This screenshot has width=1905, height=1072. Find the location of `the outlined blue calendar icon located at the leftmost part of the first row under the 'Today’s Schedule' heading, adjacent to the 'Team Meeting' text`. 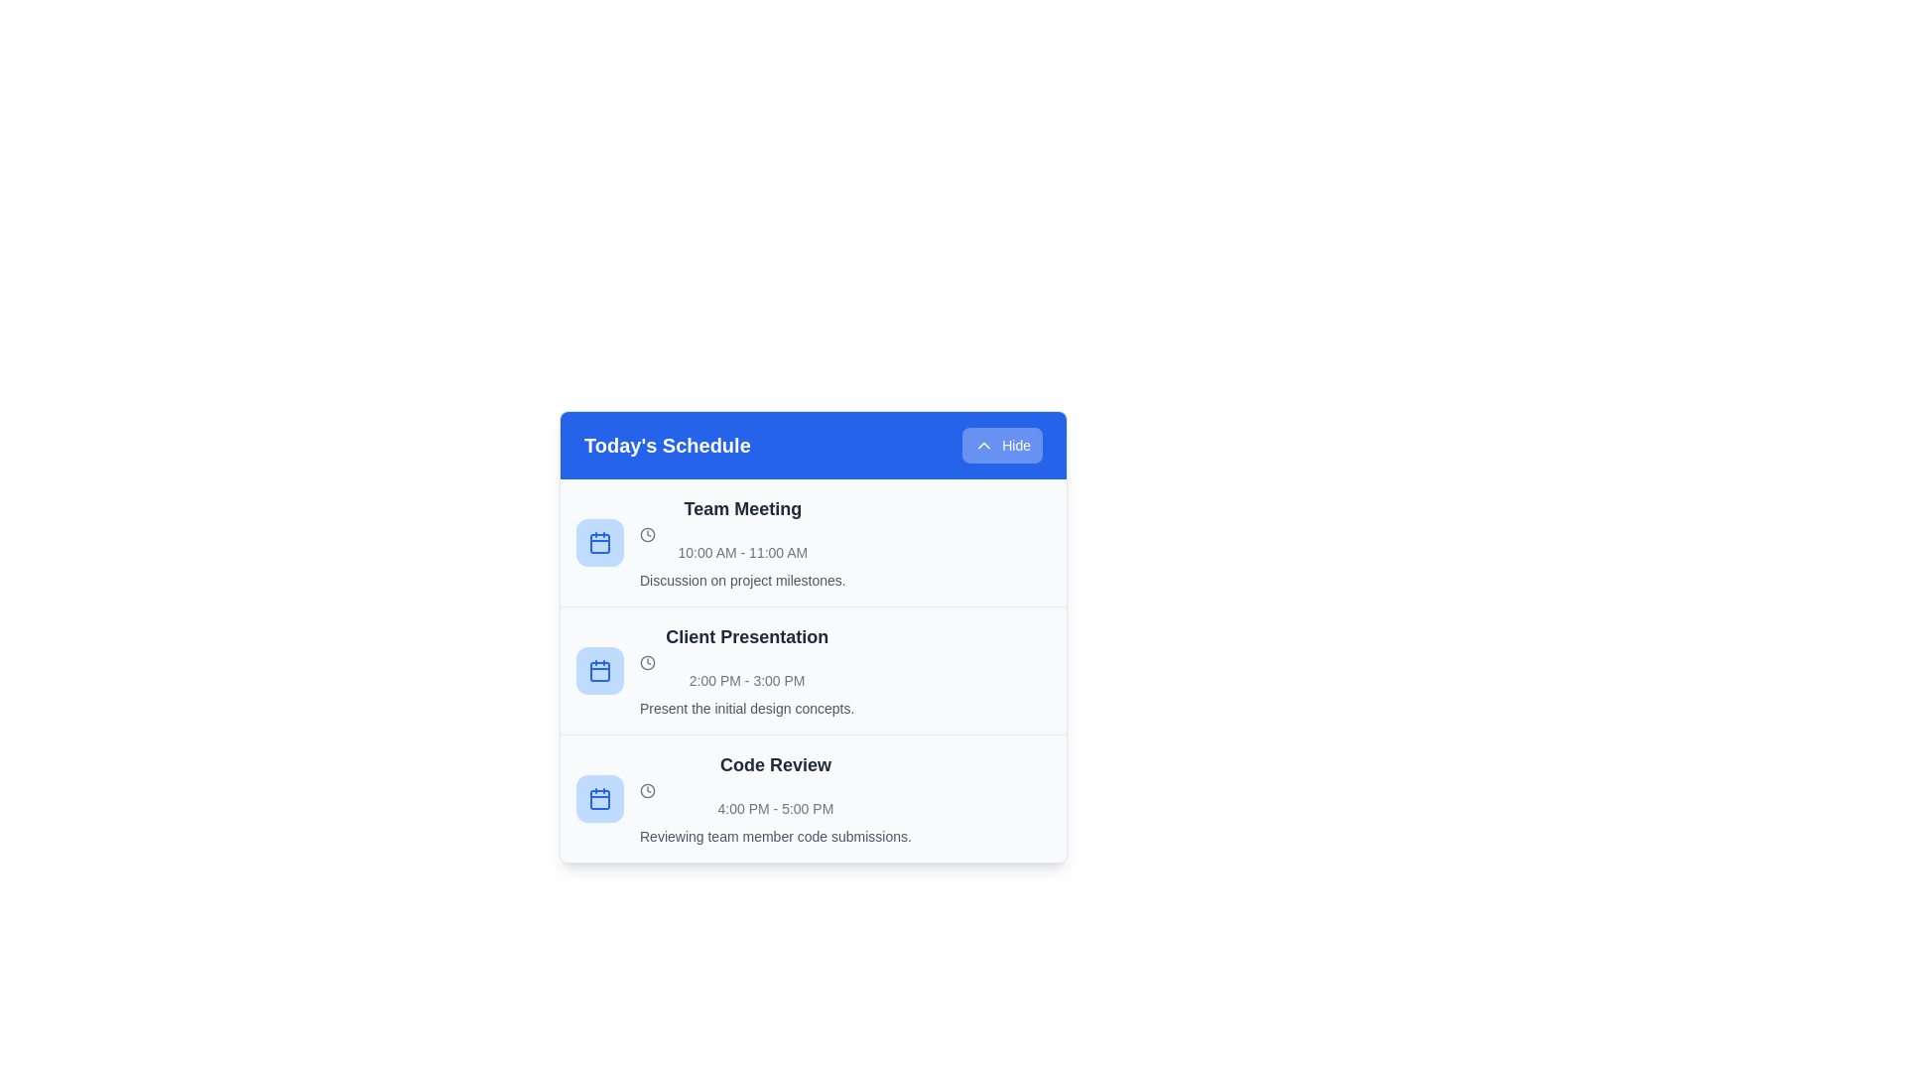

the outlined blue calendar icon located at the leftmost part of the first row under the 'Today’s Schedule' heading, adjacent to the 'Team Meeting' text is located at coordinates (598, 543).